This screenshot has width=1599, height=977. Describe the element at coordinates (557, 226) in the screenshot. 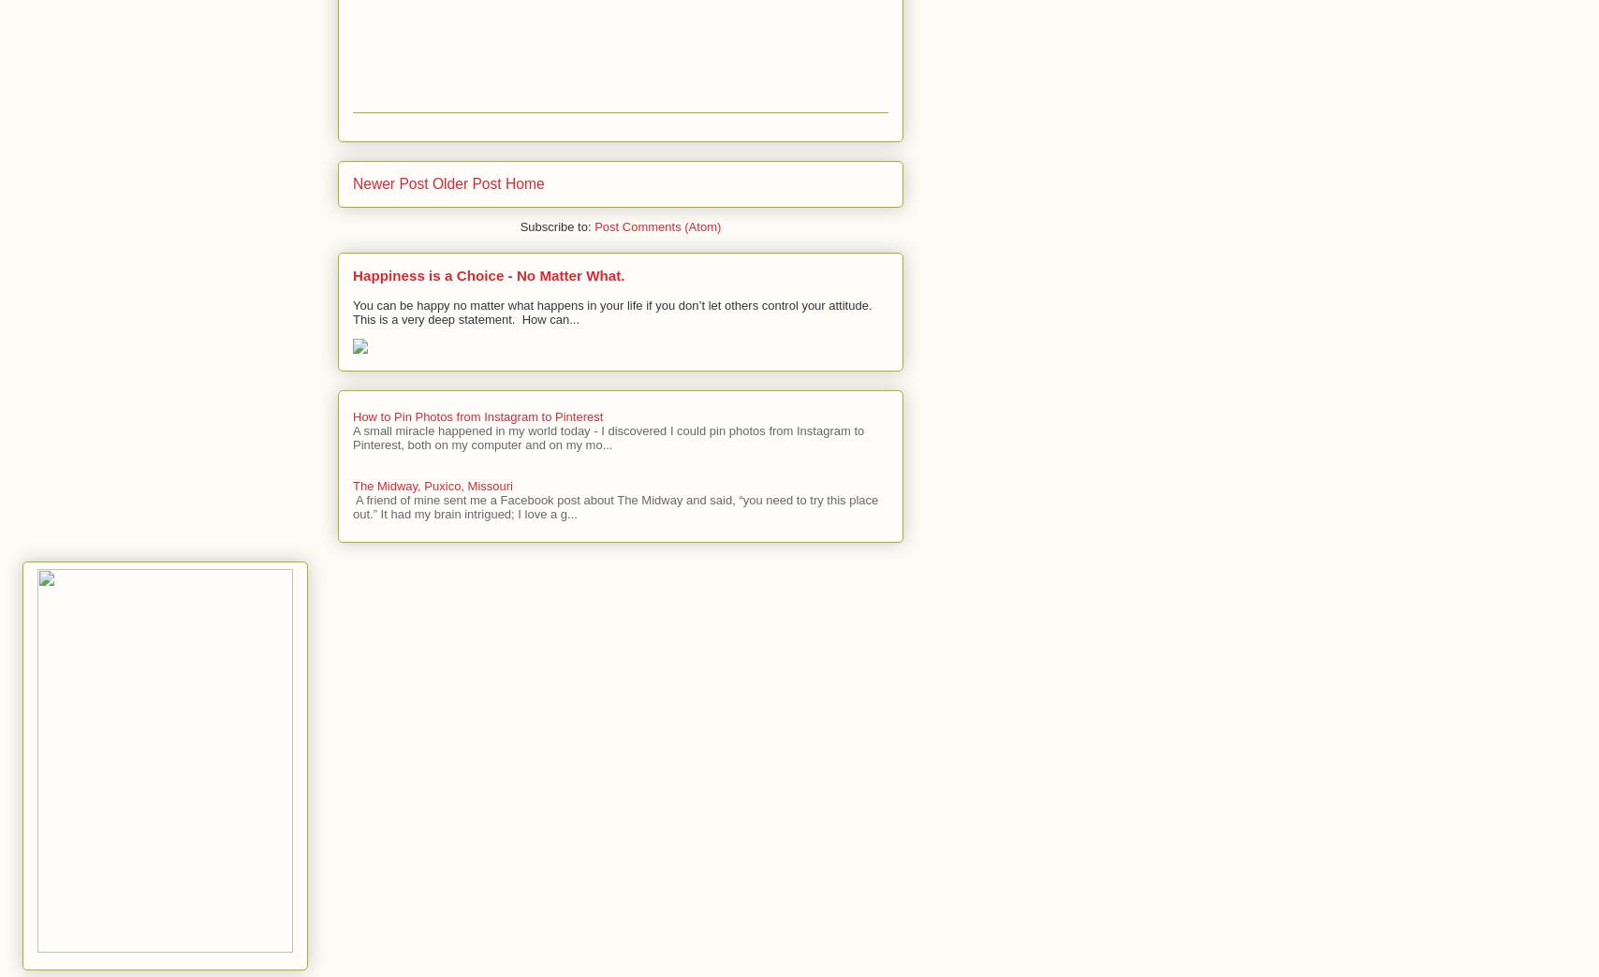

I see `'Subscribe to:'` at that location.